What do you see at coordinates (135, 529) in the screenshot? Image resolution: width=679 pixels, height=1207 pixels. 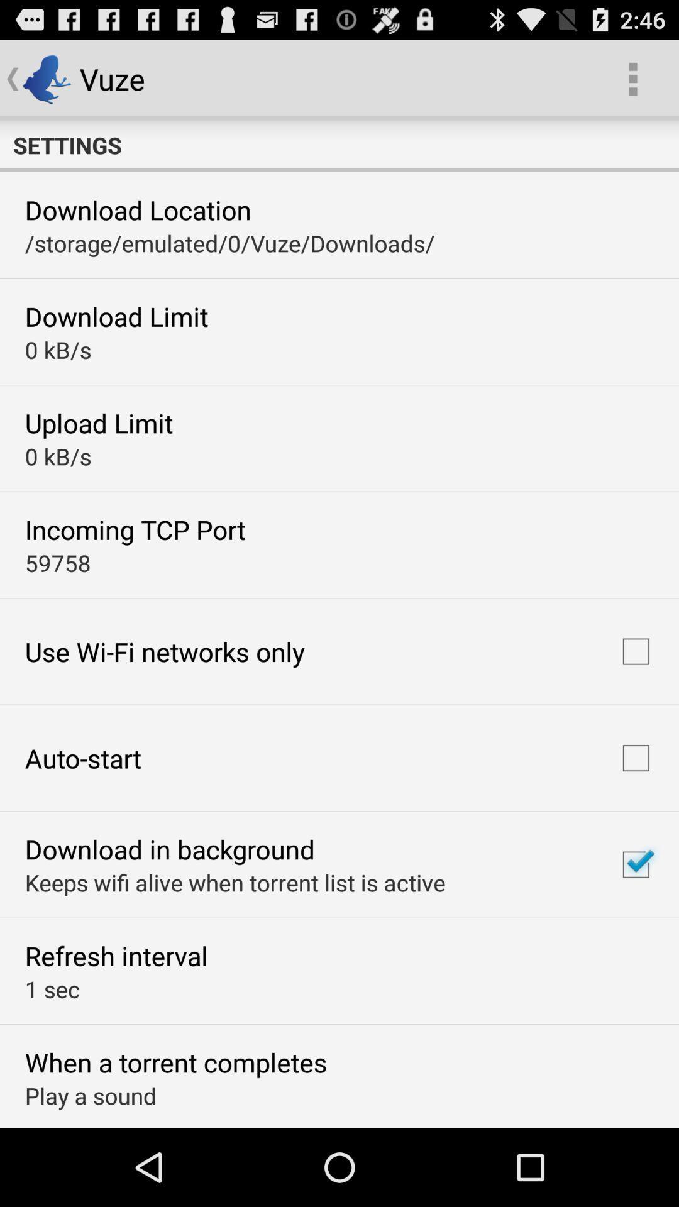 I see `the incoming tcp port app` at bounding box center [135, 529].